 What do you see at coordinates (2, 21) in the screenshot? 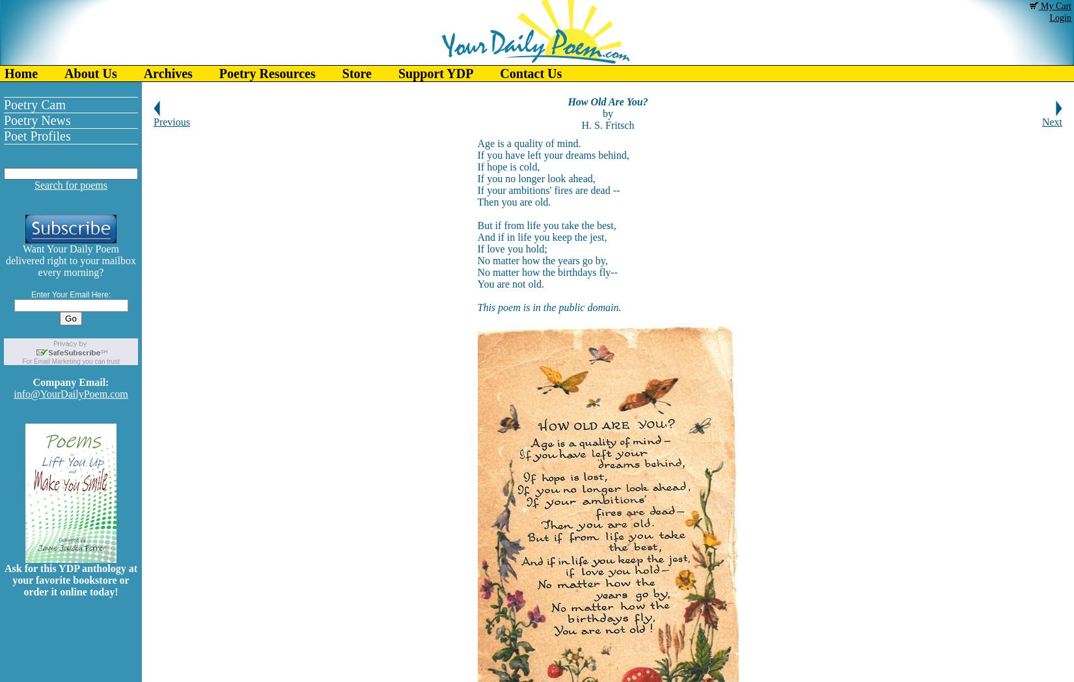
I see `'Of Interest'` at bounding box center [2, 21].